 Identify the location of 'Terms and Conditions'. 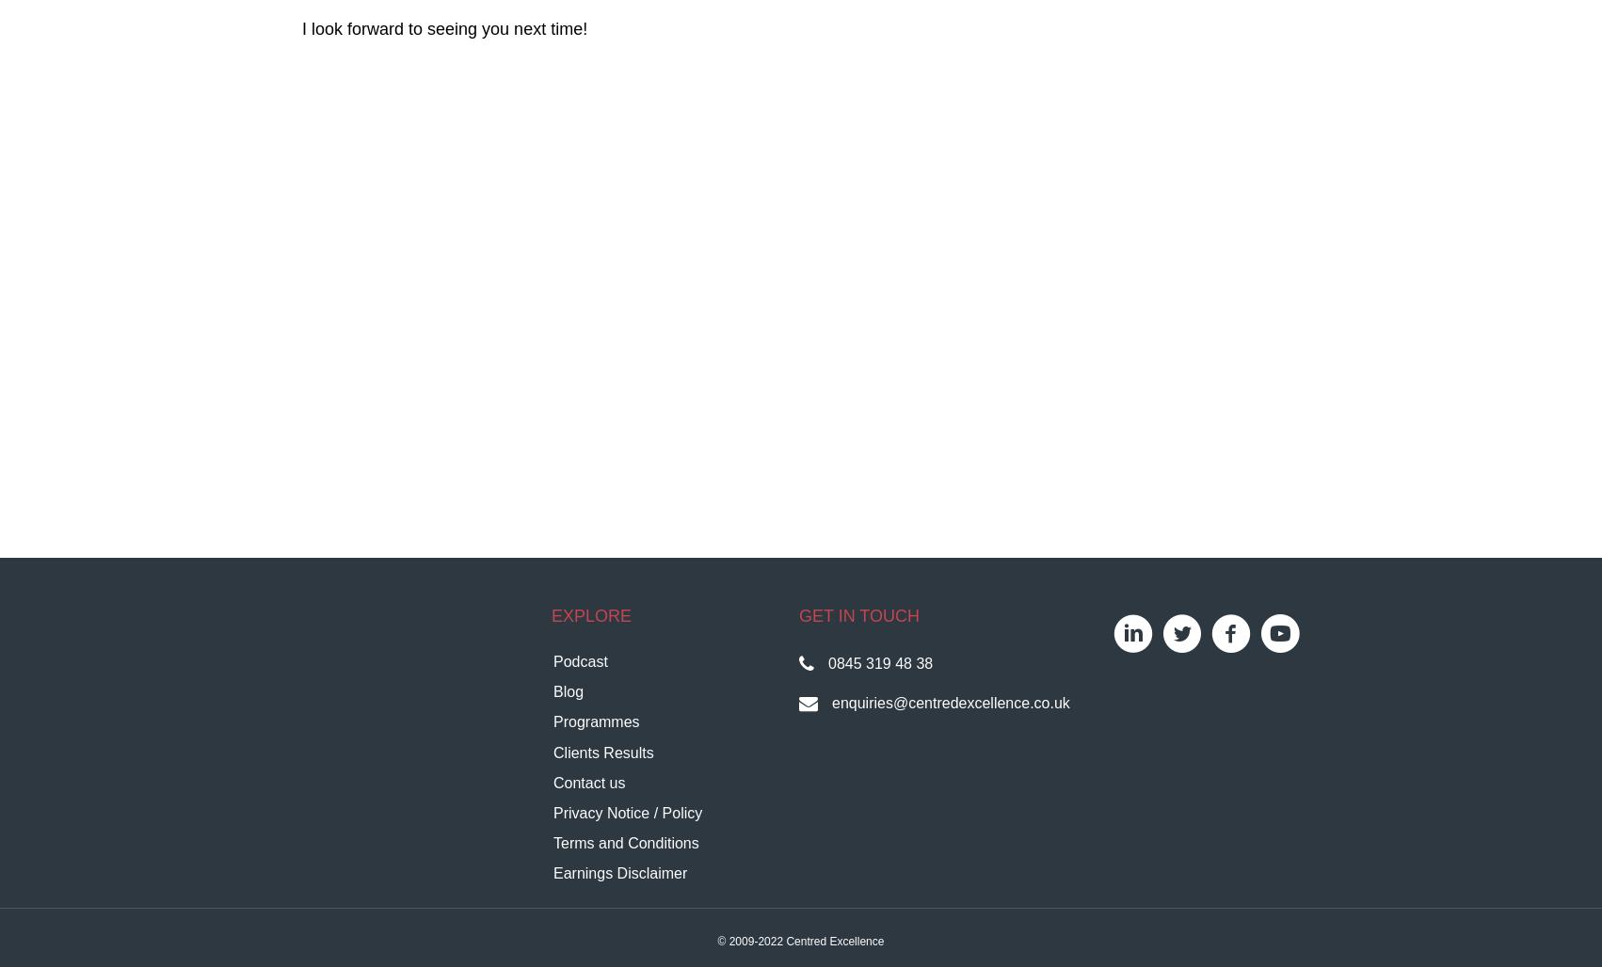
(625, 842).